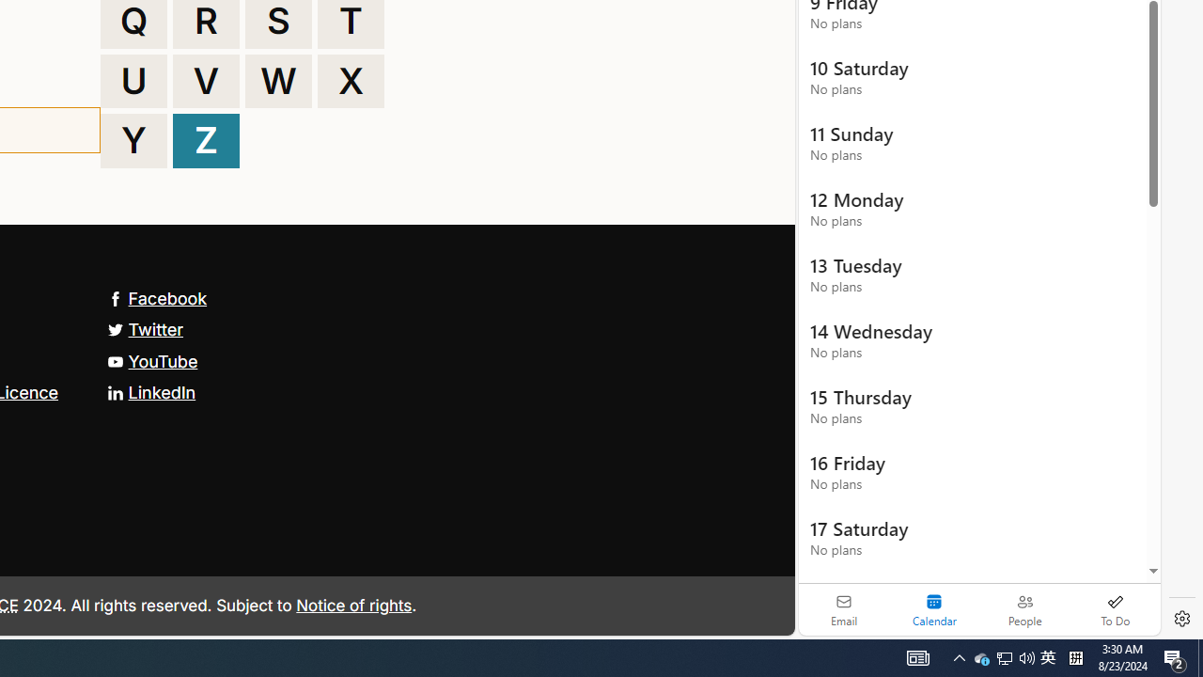 This screenshot has width=1203, height=677. Describe the element at coordinates (351, 80) in the screenshot. I see `'X'` at that location.